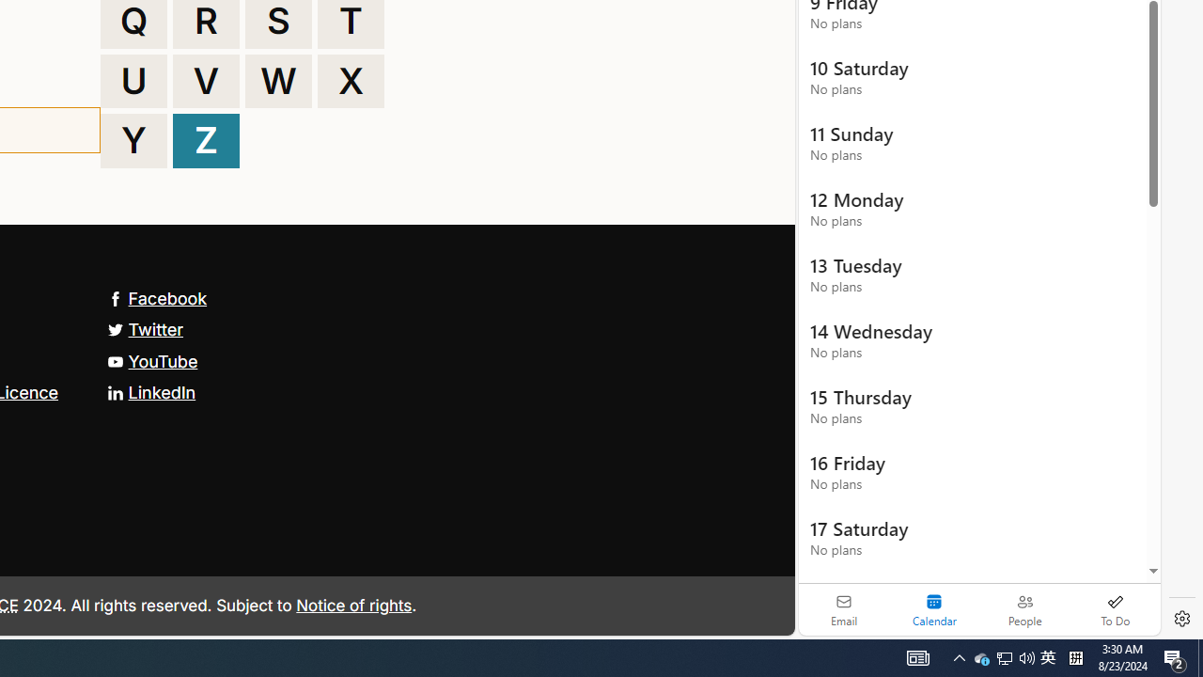 This screenshot has width=1203, height=677. Describe the element at coordinates (351, 80) in the screenshot. I see `'X'` at that location.